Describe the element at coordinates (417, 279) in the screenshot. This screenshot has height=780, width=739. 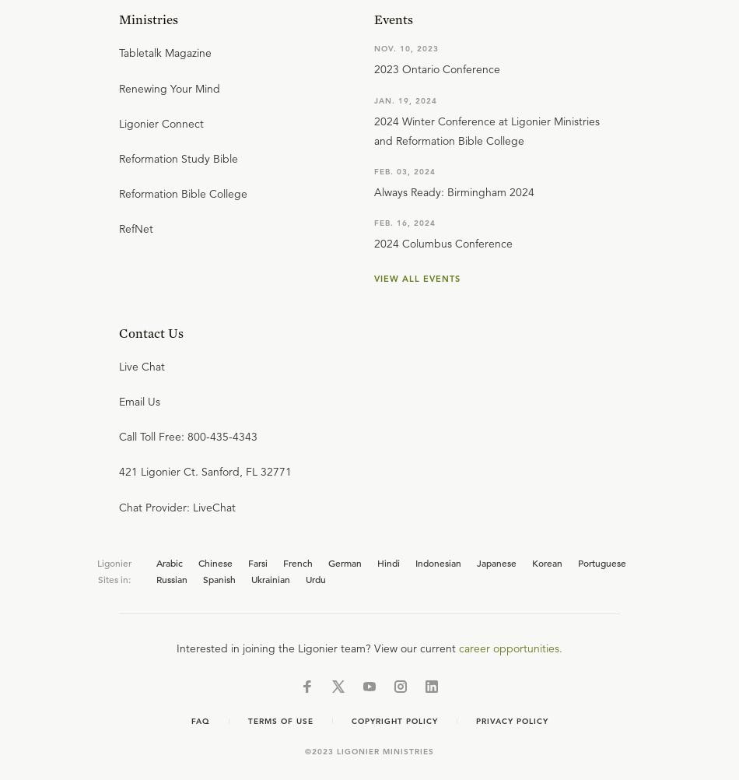
I see `'View all events'` at that location.